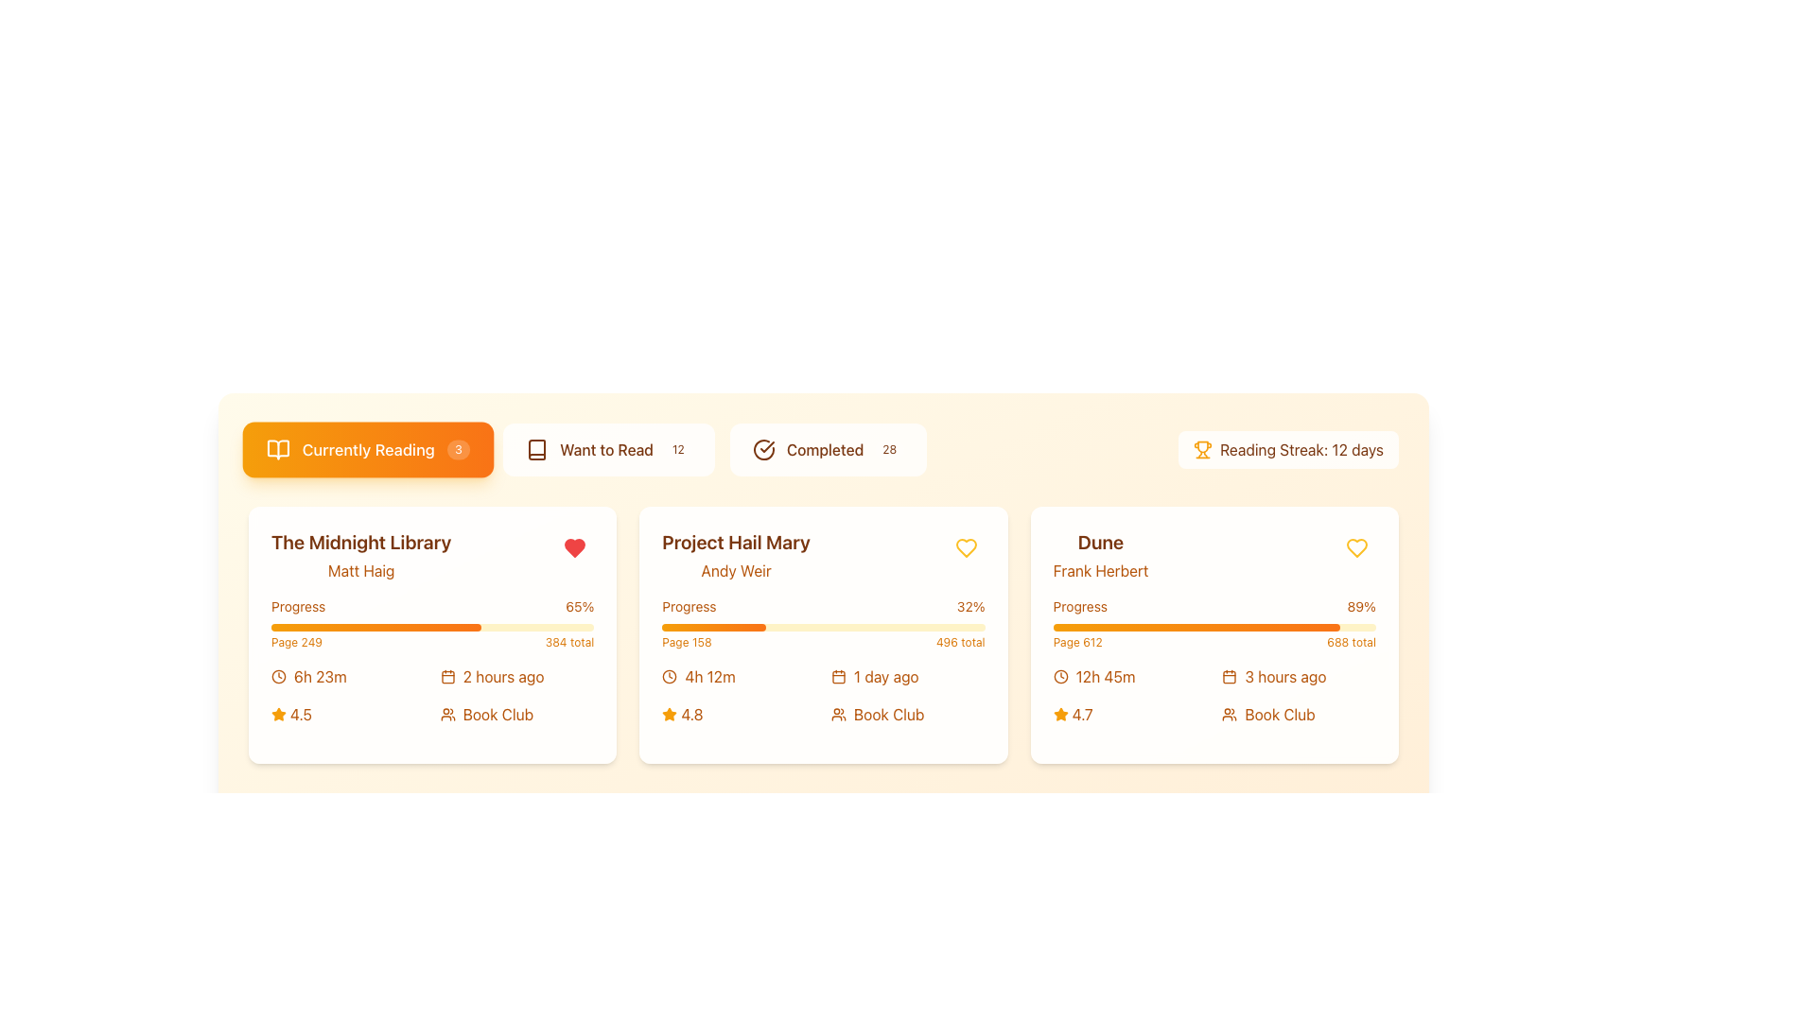 The image size is (1816, 1021). What do you see at coordinates (670, 676) in the screenshot?
I see `the visual representation of the clock icon, which is a circle with a simplistic clock hand design, located to the left of the text '4h 12m' in the second card of the 'Currently Reading' section for the book 'Project Hail Mary'` at bounding box center [670, 676].